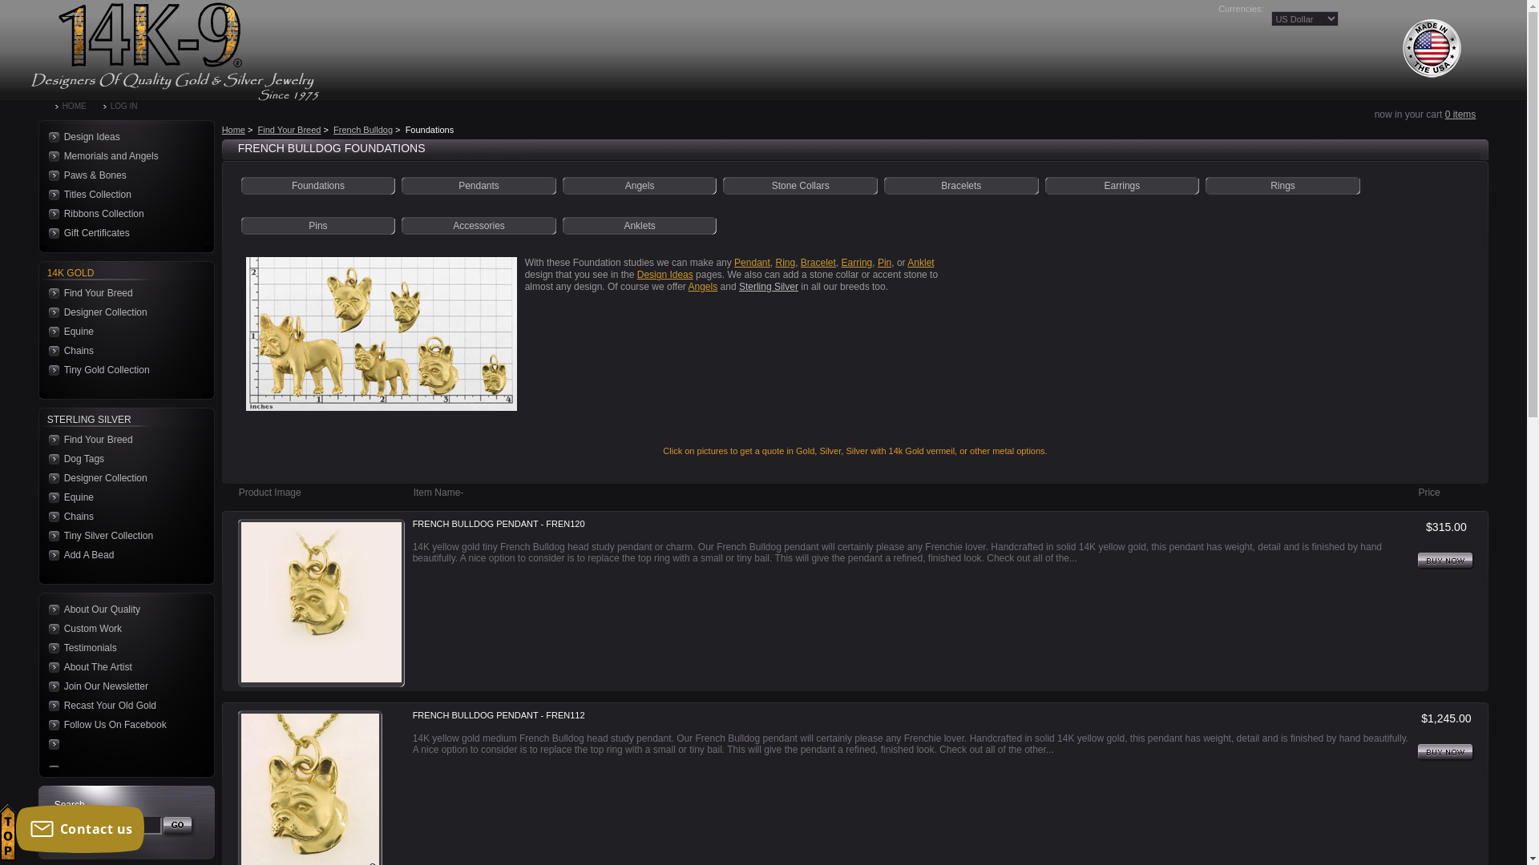 Image resolution: width=1539 pixels, height=865 pixels. Describe the element at coordinates (121, 516) in the screenshot. I see `'Chains'` at that location.